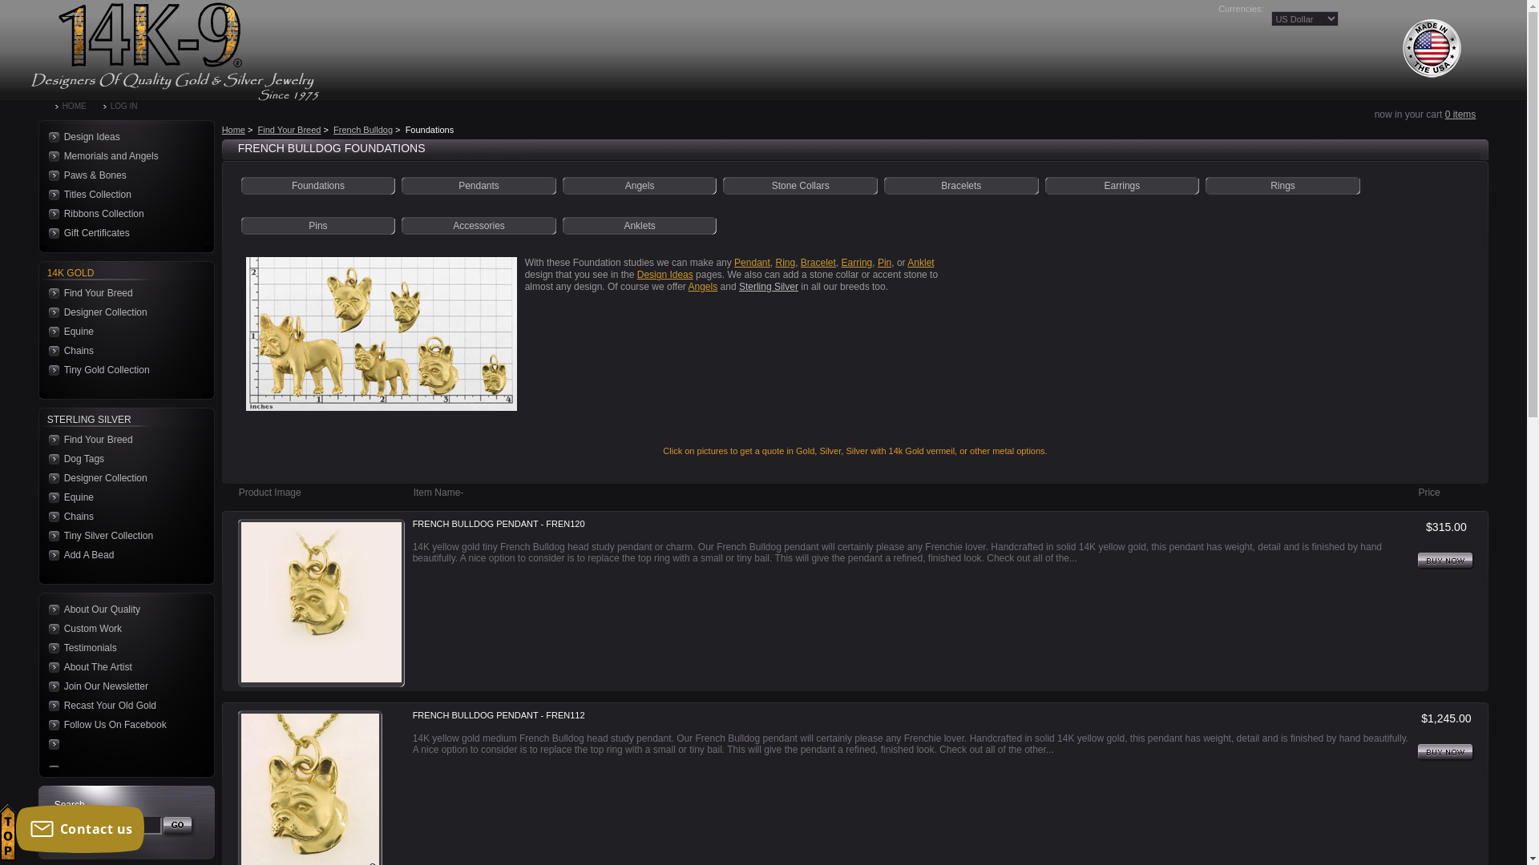 Image resolution: width=1539 pixels, height=865 pixels. Describe the element at coordinates (121, 516) in the screenshot. I see `'Chains'` at that location.